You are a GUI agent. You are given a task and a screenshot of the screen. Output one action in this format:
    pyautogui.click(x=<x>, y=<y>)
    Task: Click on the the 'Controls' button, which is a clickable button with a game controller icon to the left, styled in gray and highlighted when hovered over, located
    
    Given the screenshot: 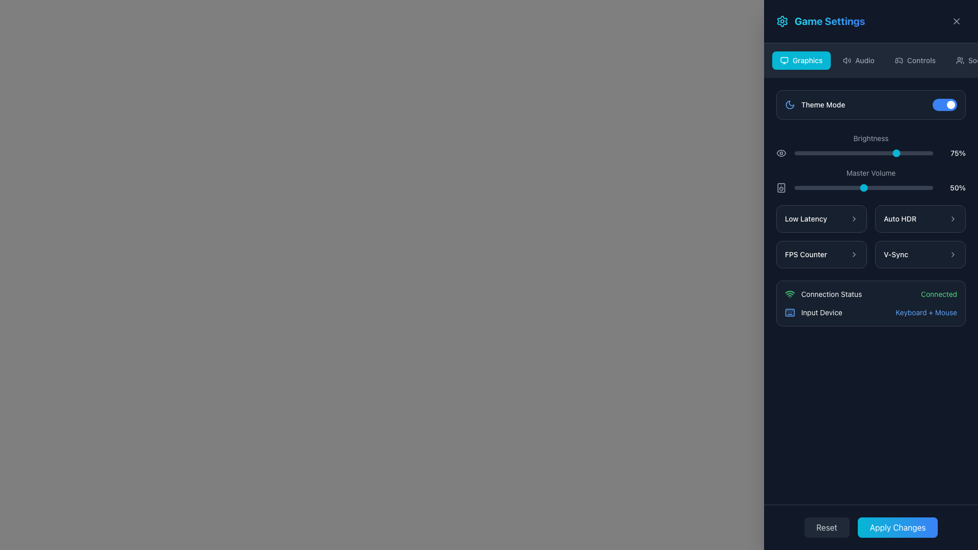 What is the action you would take?
    pyautogui.click(x=915, y=61)
    